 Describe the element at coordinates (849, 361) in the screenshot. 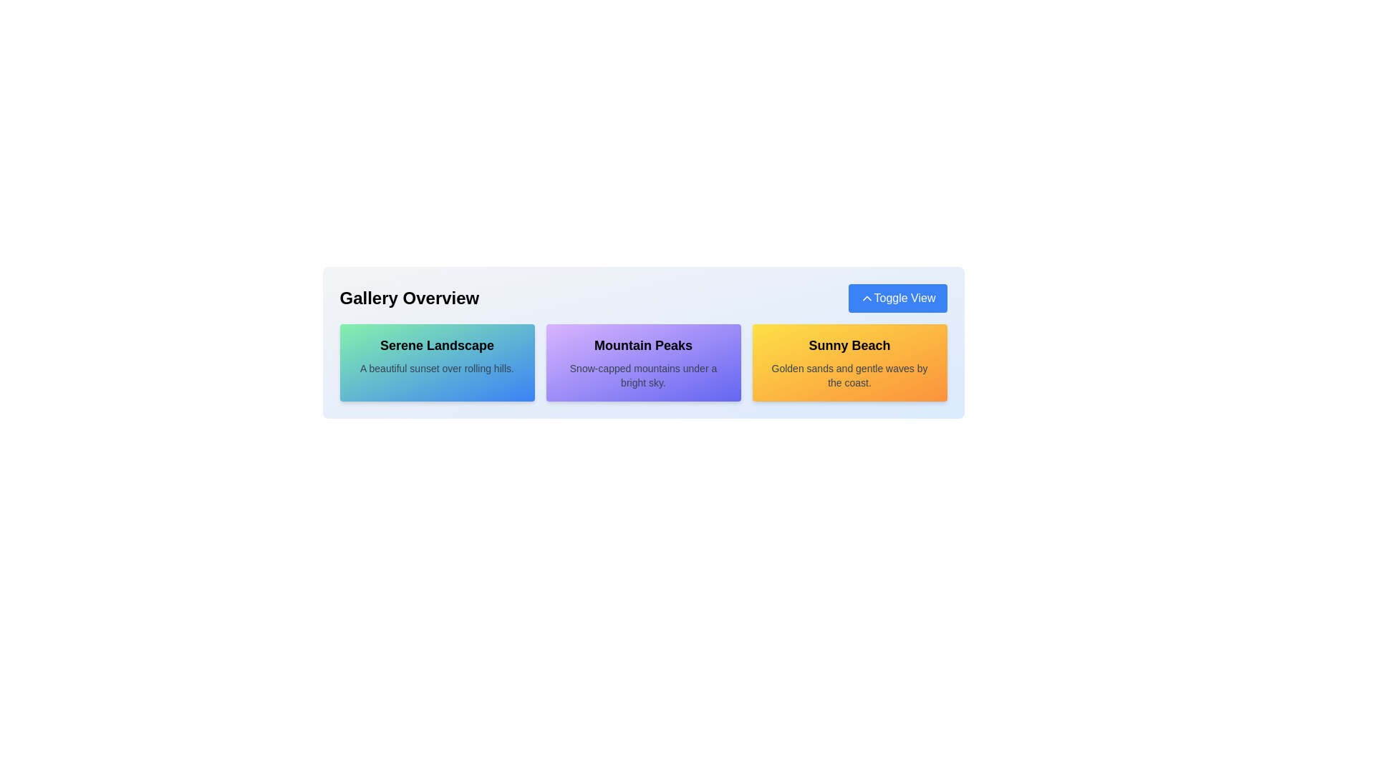

I see `the informational card located in the bottom-right corner of the grid layout, which is the third card and is positioned to the right of the 'Mountain Peaks' card` at that location.